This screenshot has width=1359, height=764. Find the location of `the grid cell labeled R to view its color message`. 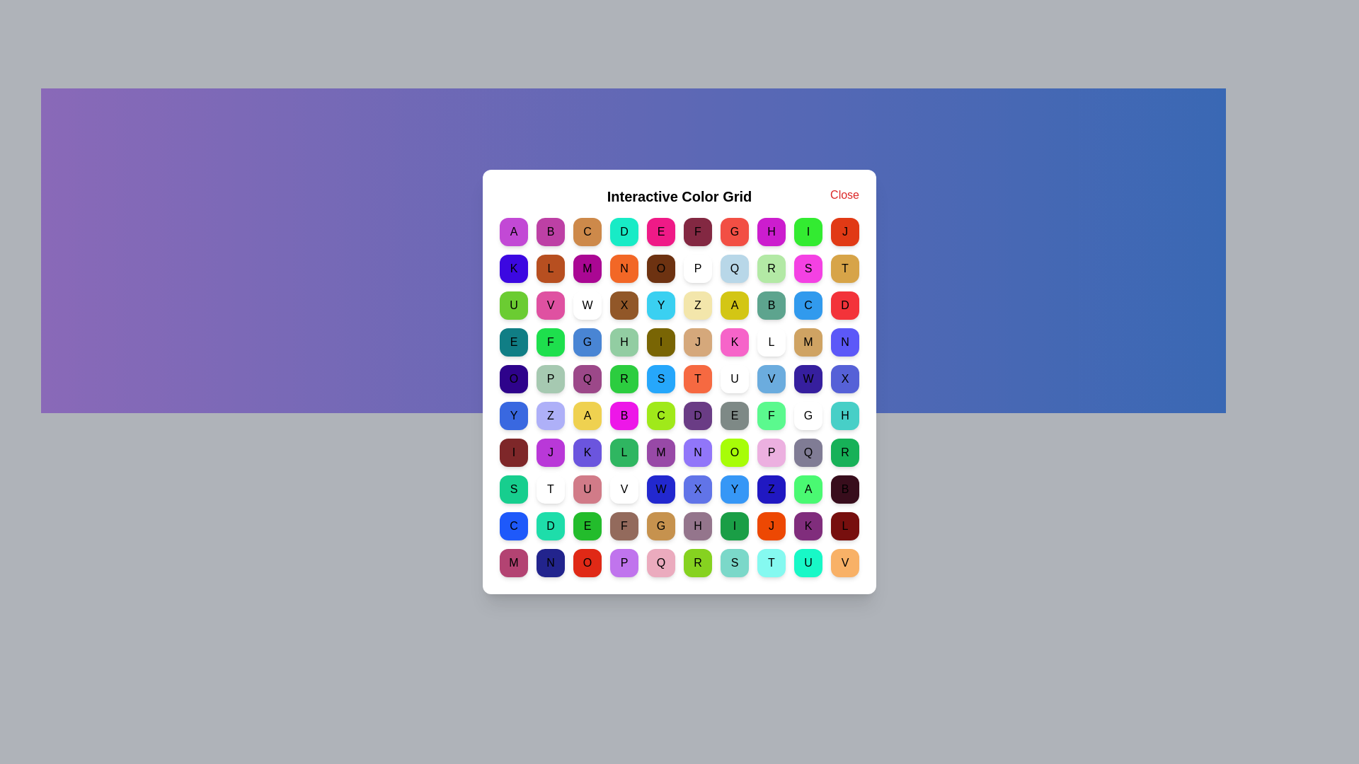

the grid cell labeled R to view its color message is located at coordinates (770, 269).